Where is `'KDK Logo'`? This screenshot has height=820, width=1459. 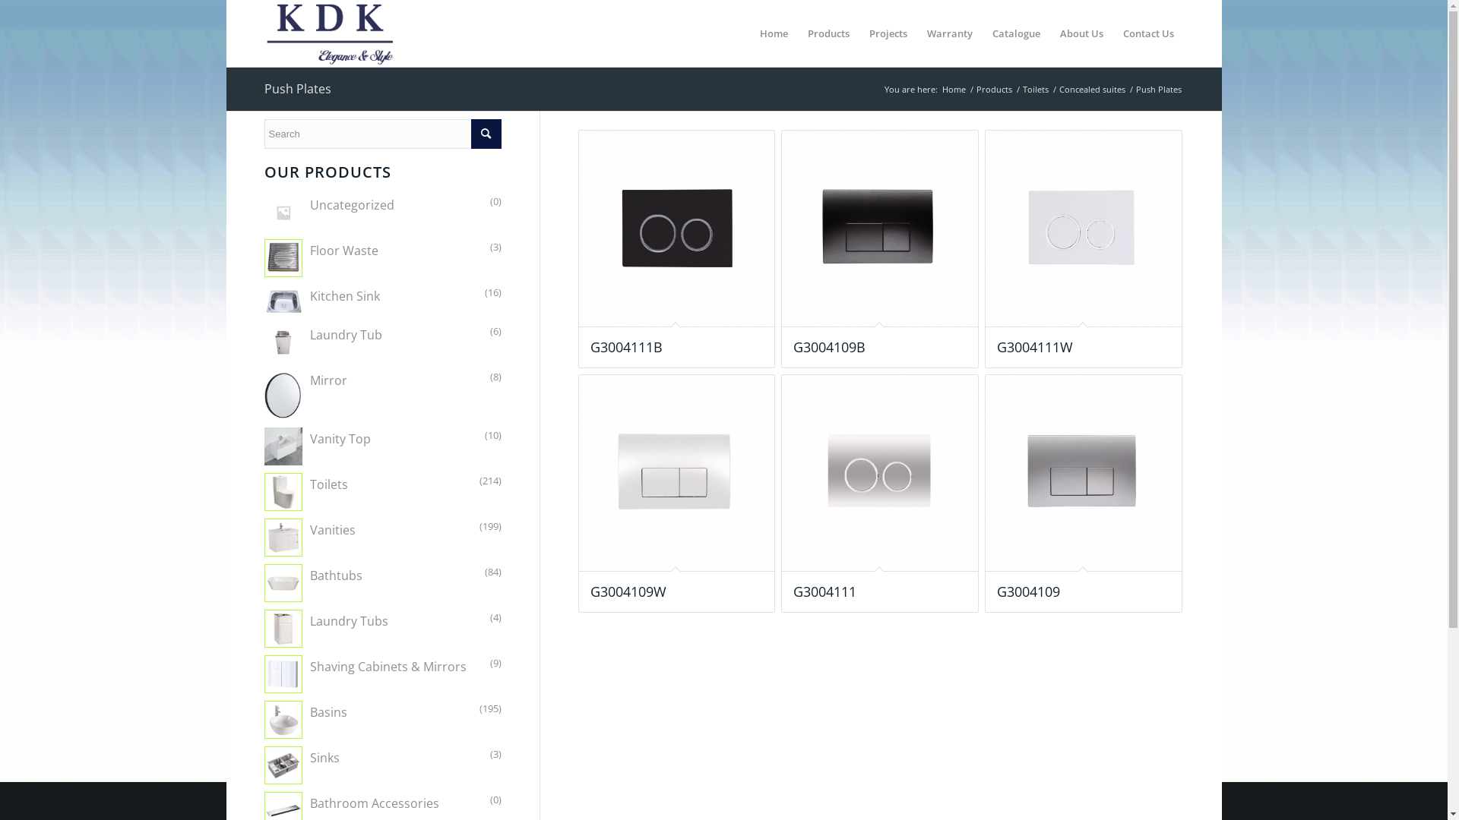
'KDK Logo' is located at coordinates (330, 33).